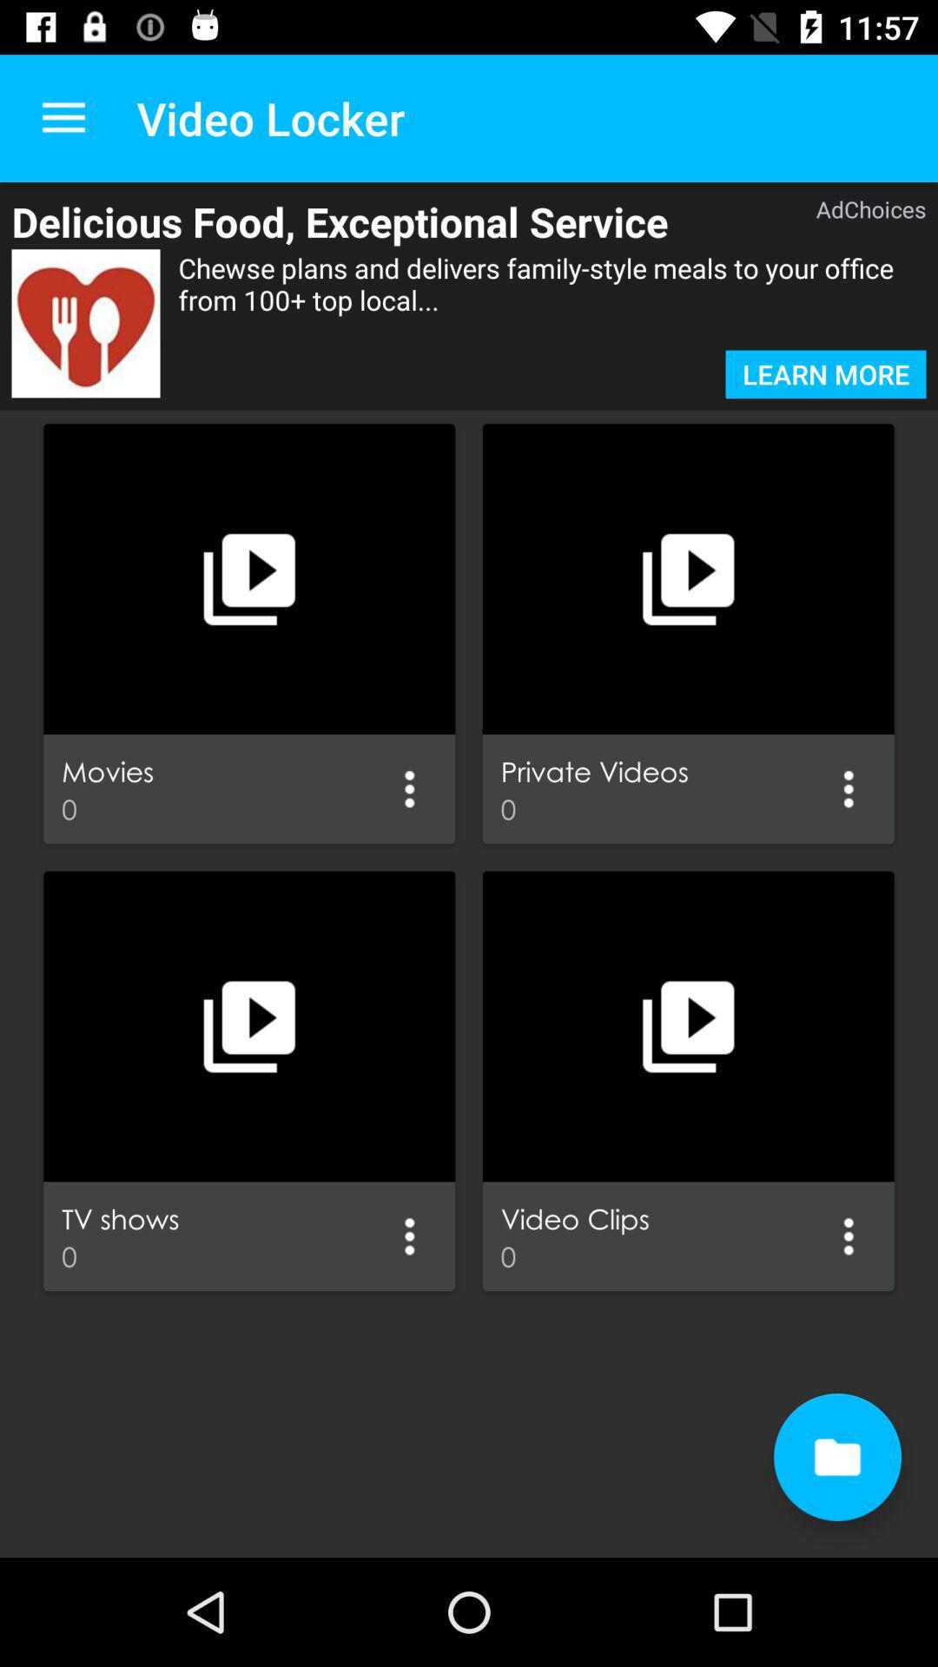 Image resolution: width=938 pixels, height=1667 pixels. What do you see at coordinates (86, 323) in the screenshot?
I see `item next to chewse plans and item` at bounding box center [86, 323].